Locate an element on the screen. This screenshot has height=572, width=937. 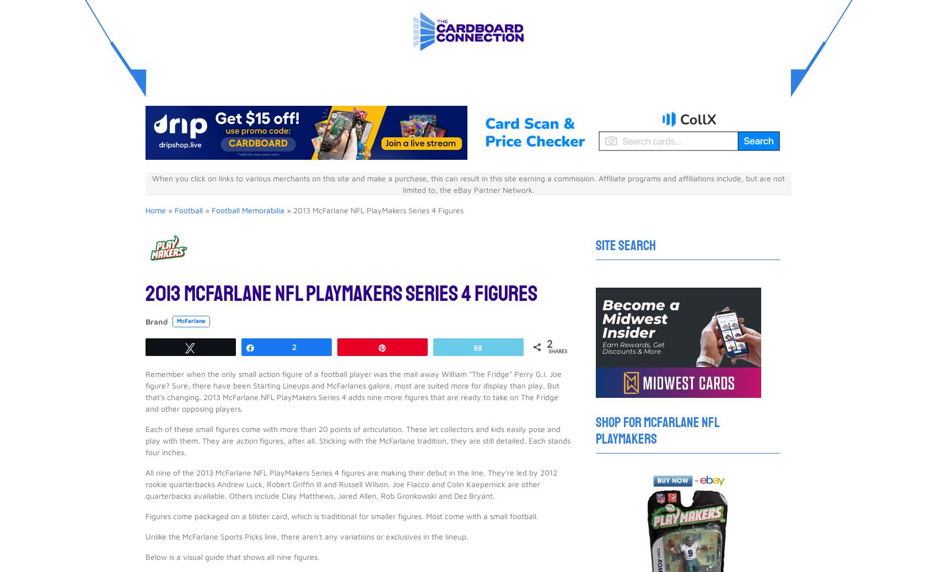
'Ryan is a former member of The Cardboard Connection Writing Staff.' is located at coordinates (332, 390).